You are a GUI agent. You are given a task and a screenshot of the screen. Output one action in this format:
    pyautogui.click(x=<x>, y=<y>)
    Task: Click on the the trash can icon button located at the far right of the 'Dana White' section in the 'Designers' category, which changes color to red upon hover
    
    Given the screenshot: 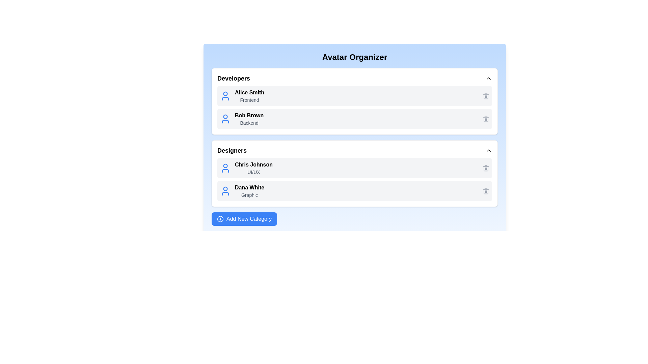 What is the action you would take?
    pyautogui.click(x=486, y=191)
    